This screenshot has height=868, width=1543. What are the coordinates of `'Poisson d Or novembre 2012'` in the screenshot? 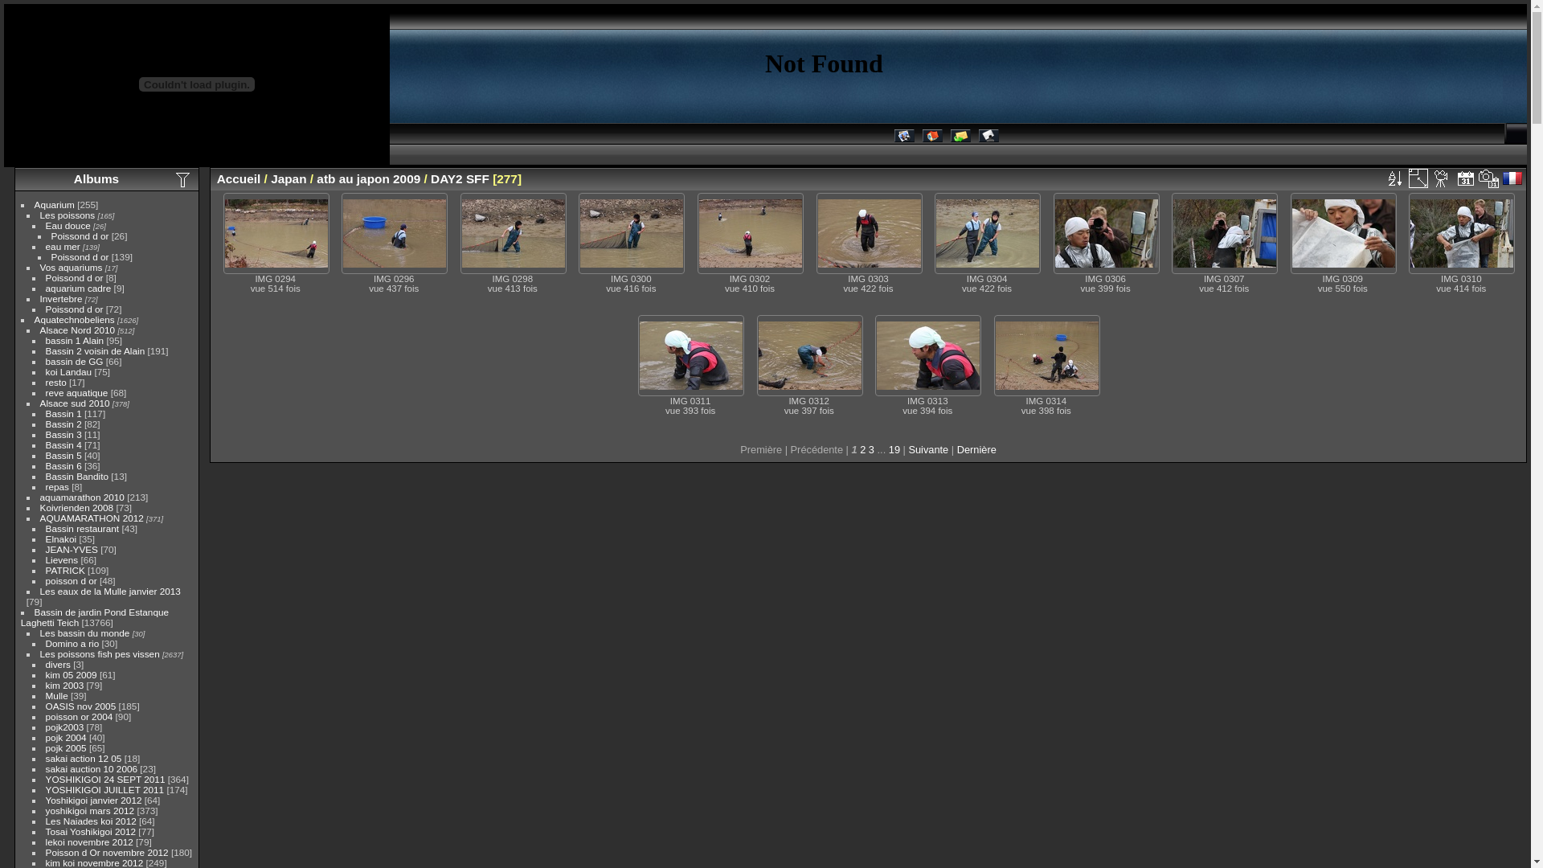 It's located at (106, 851).